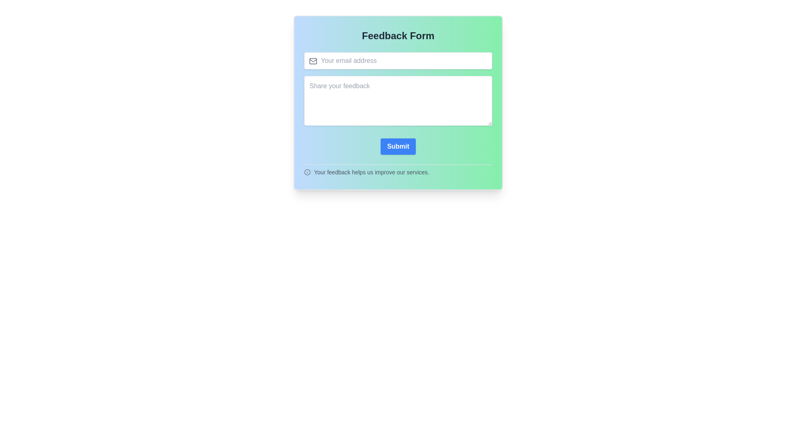 The height and width of the screenshot is (441, 785). Describe the element at coordinates (313, 61) in the screenshot. I see `the email icon located at the left edge of the 'Your email address' input field in the 'Feedback Form' interface` at that location.